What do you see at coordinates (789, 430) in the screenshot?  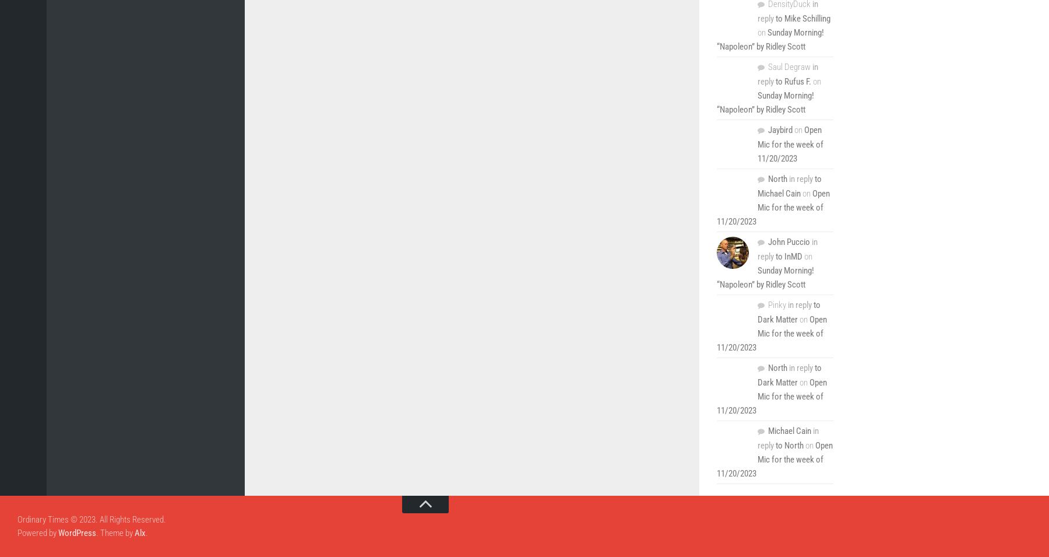 I see `'Michael Cain'` at bounding box center [789, 430].